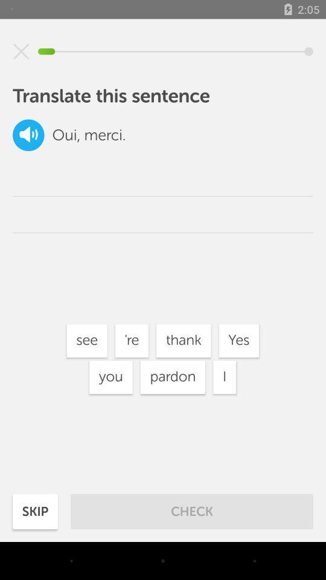 Image resolution: width=326 pixels, height=580 pixels. What do you see at coordinates (21, 51) in the screenshot?
I see `out of this screen` at bounding box center [21, 51].